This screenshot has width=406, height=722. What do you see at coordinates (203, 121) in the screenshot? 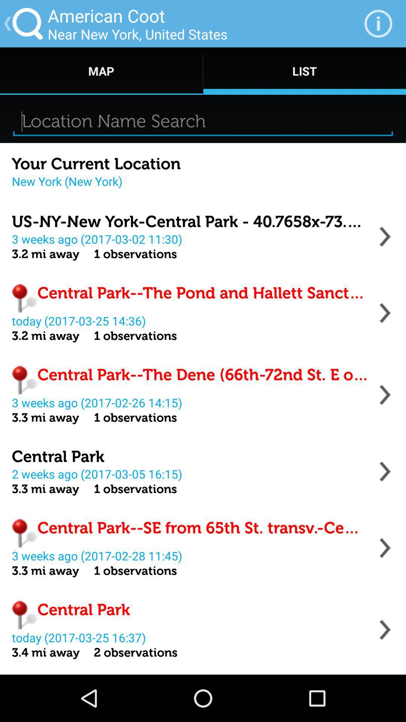
I see `type the location name` at bounding box center [203, 121].